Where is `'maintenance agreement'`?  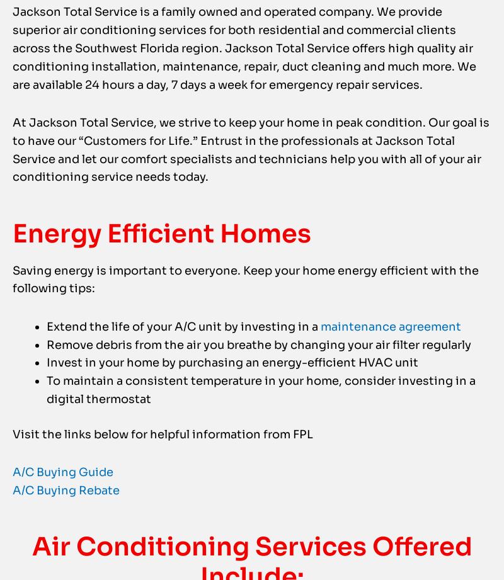
'maintenance agreement' is located at coordinates (319, 351).